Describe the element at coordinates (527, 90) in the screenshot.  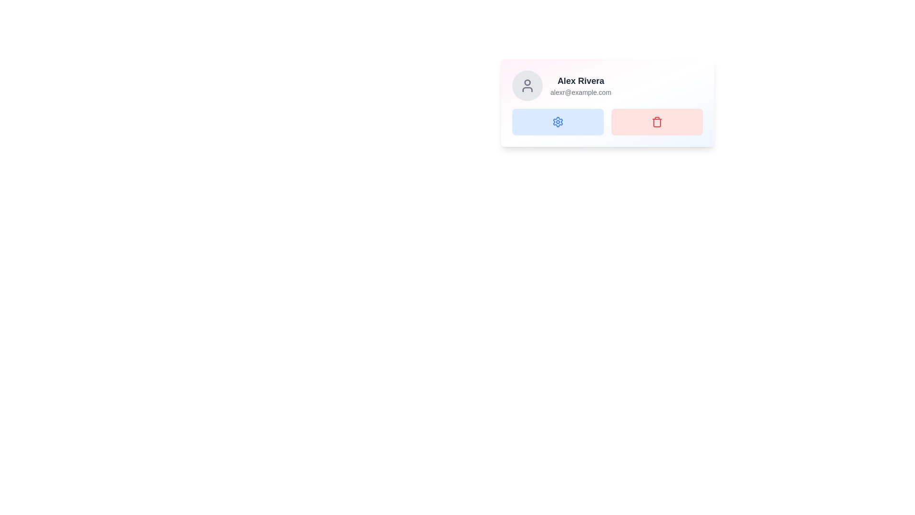
I see `the lower part of the user icon, which is represented by a minimalistic line drawing of shoulders and torso, for additional functionality` at that location.